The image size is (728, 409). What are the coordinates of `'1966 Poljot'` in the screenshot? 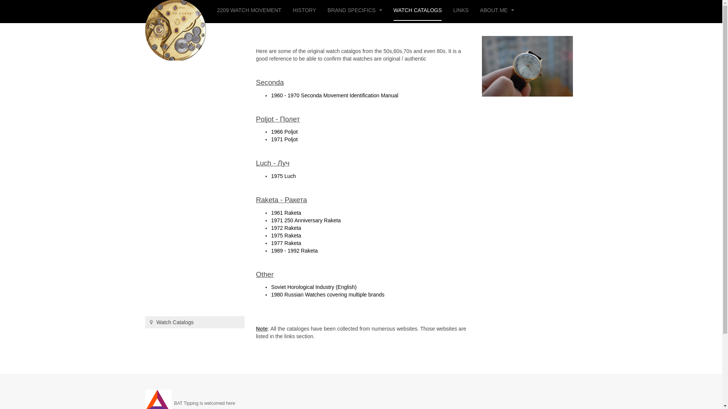 It's located at (271, 131).